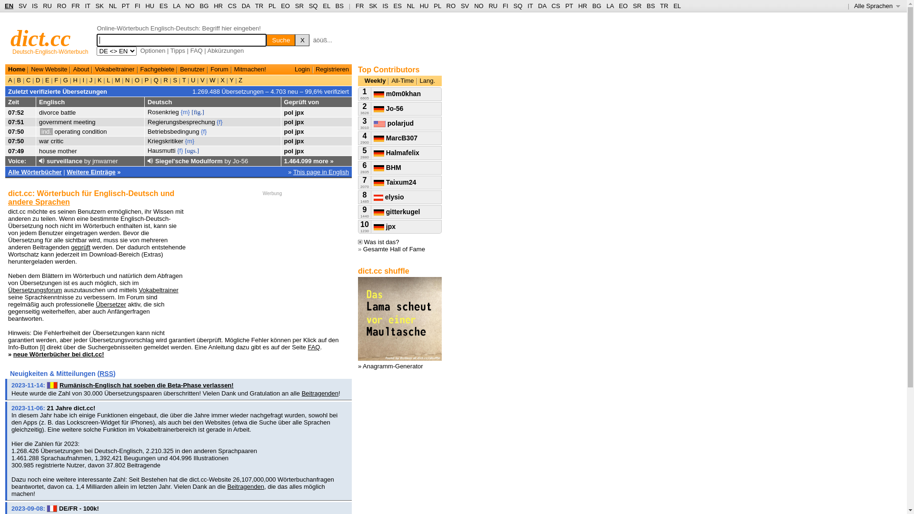 This screenshot has width=914, height=514. Describe the element at coordinates (301, 40) in the screenshot. I see `'X'` at that location.